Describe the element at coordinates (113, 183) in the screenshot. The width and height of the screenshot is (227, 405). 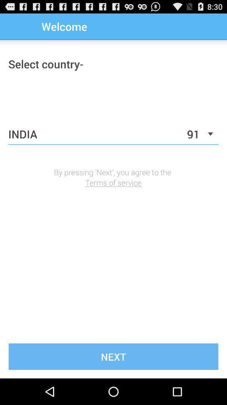
I see `terms of service icon` at that location.